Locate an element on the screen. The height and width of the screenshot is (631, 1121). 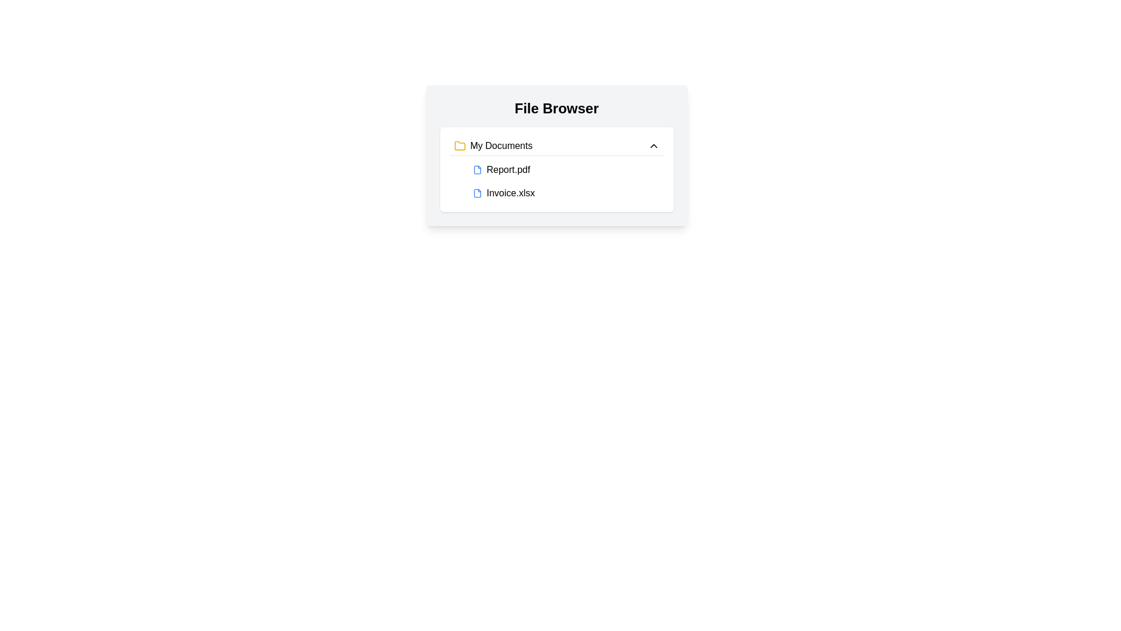
the folder header to toggle the visibility of its contents is located at coordinates (556, 145).